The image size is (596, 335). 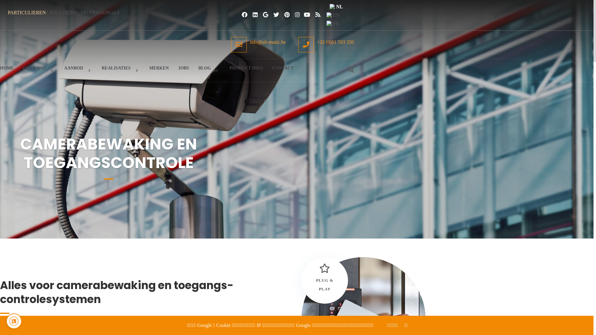 What do you see at coordinates (298, 44) in the screenshot?
I see `'+32 (0)11 593 350'` at bounding box center [298, 44].